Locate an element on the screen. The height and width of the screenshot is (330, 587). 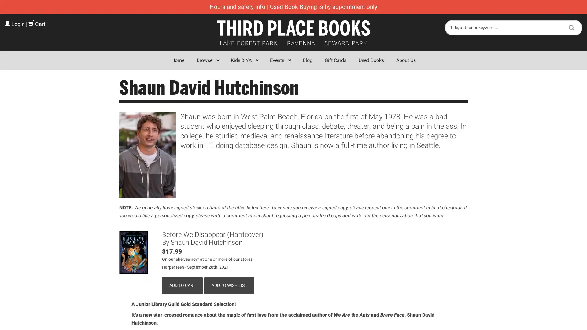
Sign Up! is located at coordinates (293, 227).